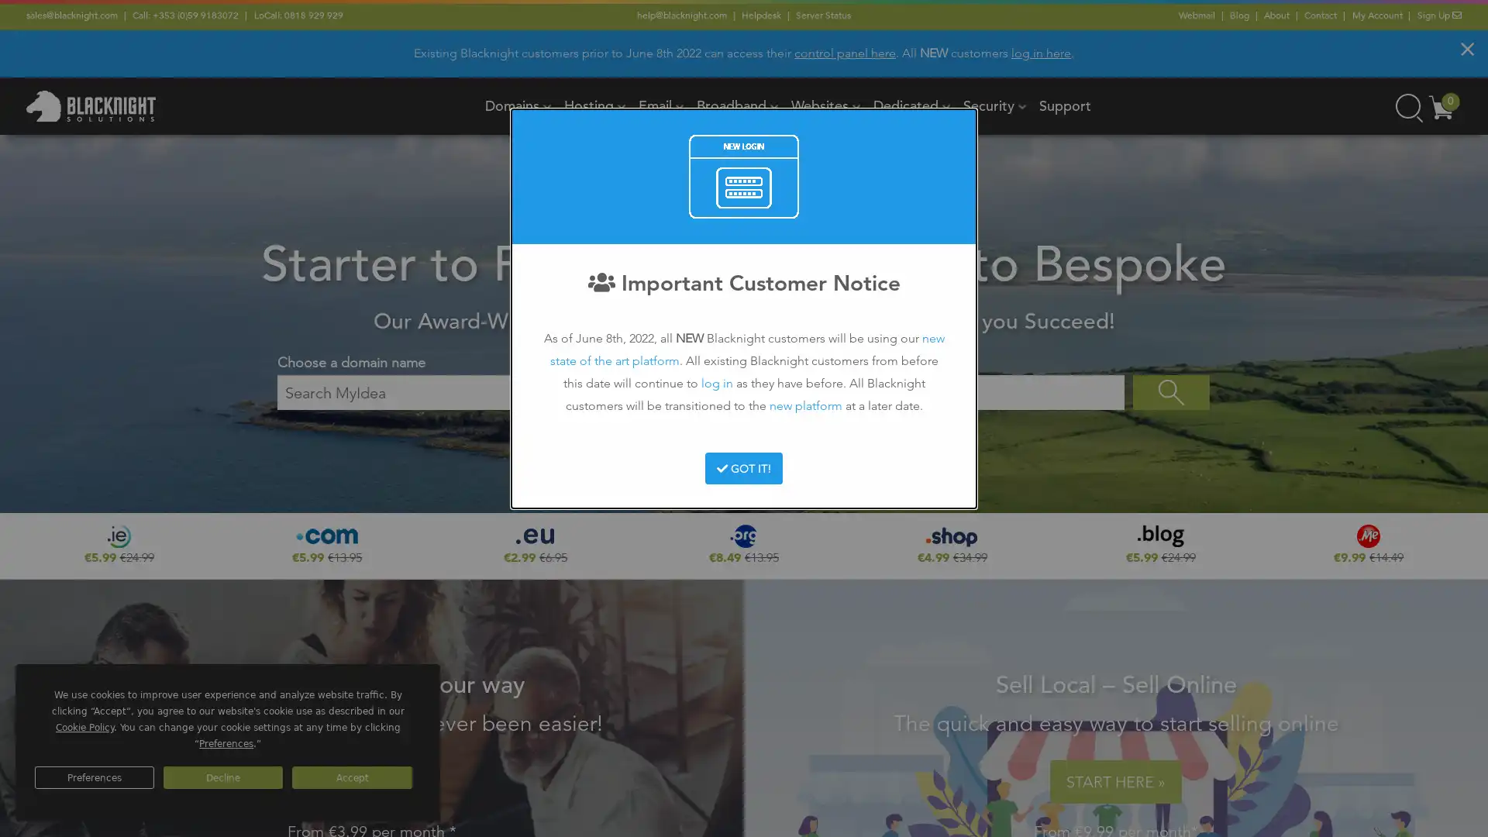  Describe the element at coordinates (93, 777) in the screenshot. I see `Preferences` at that location.